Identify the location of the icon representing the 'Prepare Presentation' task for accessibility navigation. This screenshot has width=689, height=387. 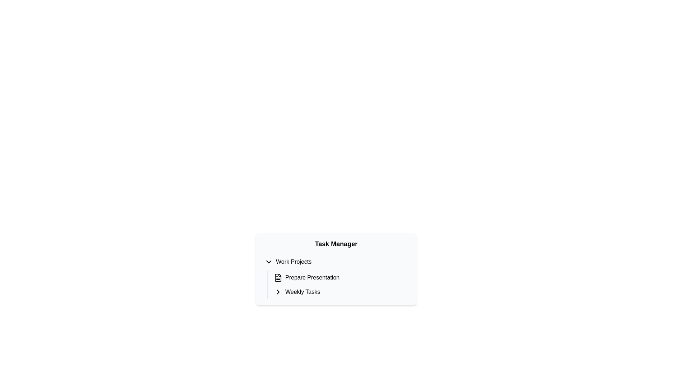
(277, 277).